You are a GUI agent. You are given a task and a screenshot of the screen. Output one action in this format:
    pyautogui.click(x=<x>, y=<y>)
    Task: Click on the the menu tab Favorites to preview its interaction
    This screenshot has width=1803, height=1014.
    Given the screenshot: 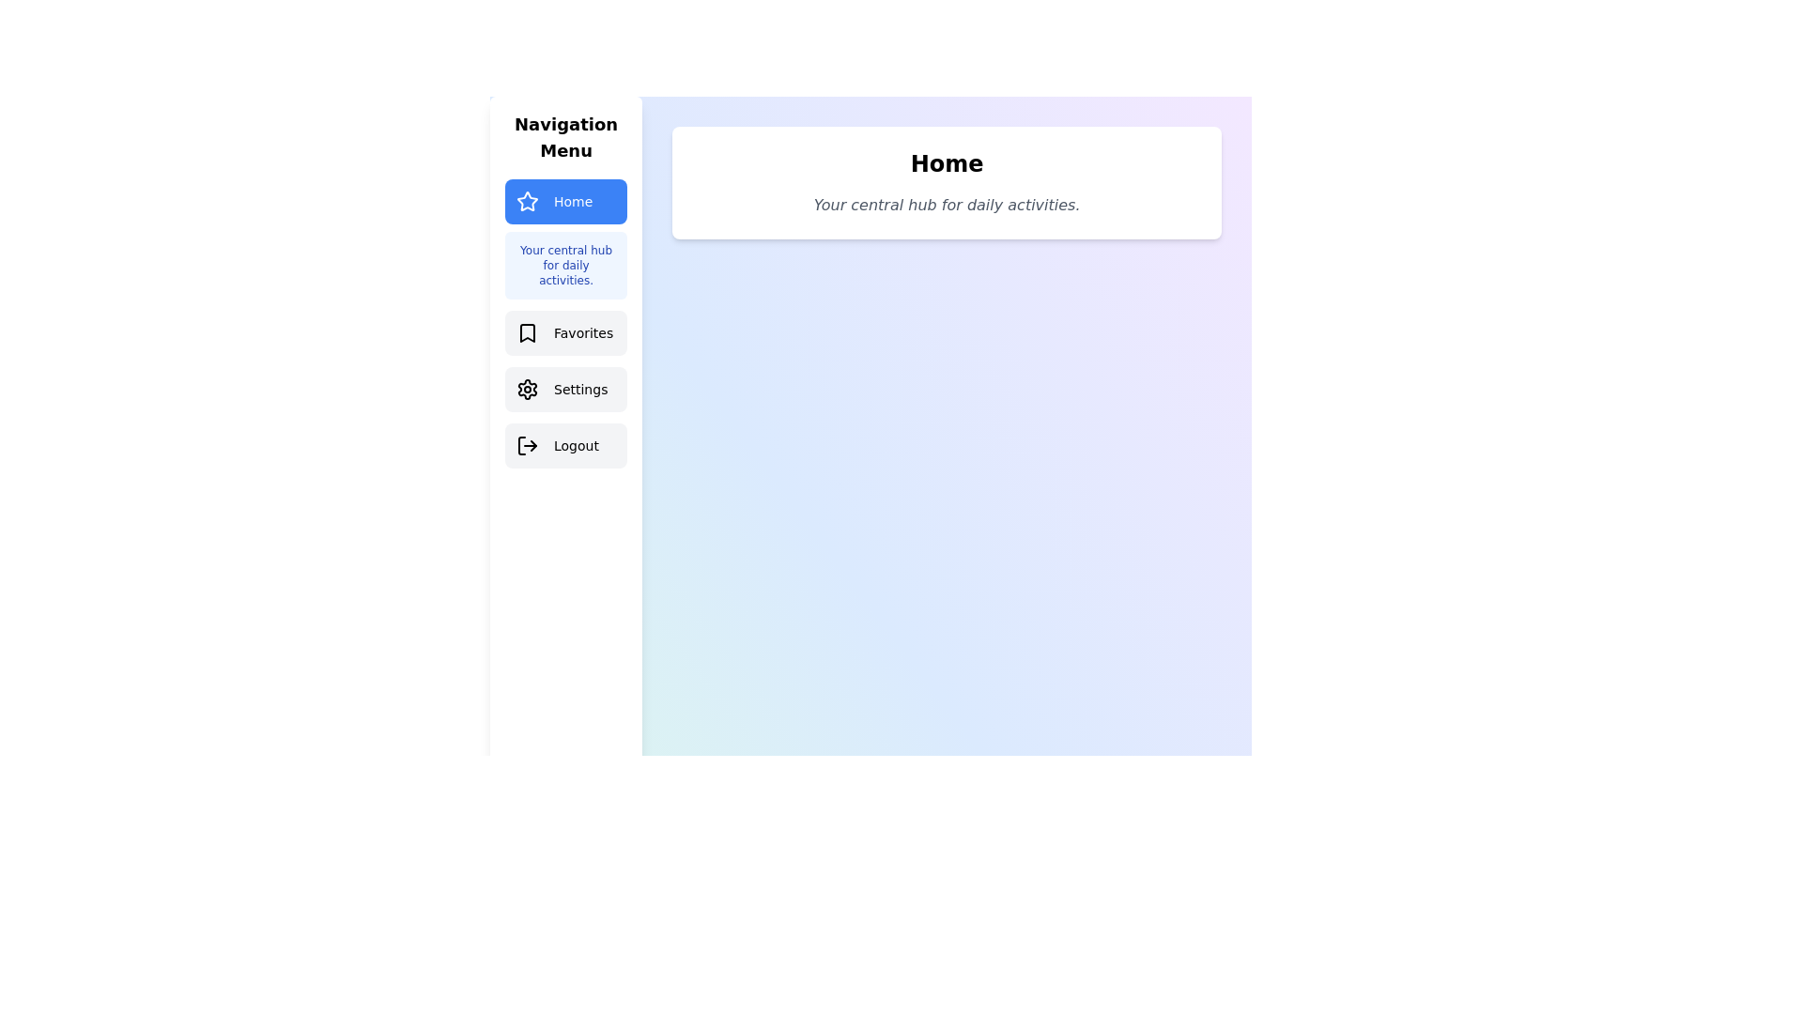 What is the action you would take?
    pyautogui.click(x=565, y=331)
    